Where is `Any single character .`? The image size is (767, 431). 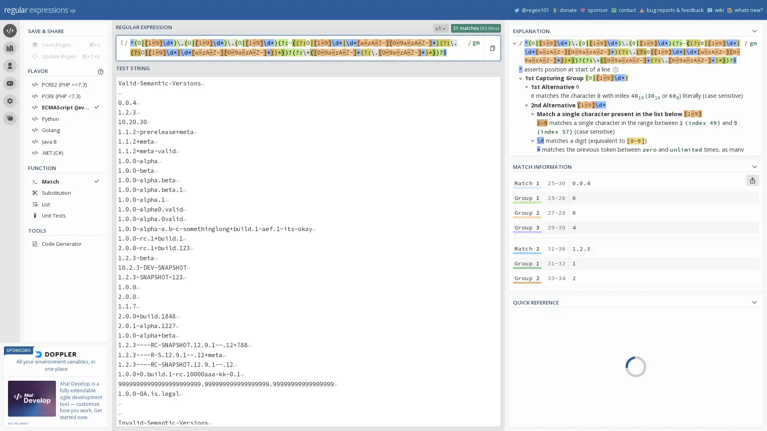 Any single character . is located at coordinates (676, 373).